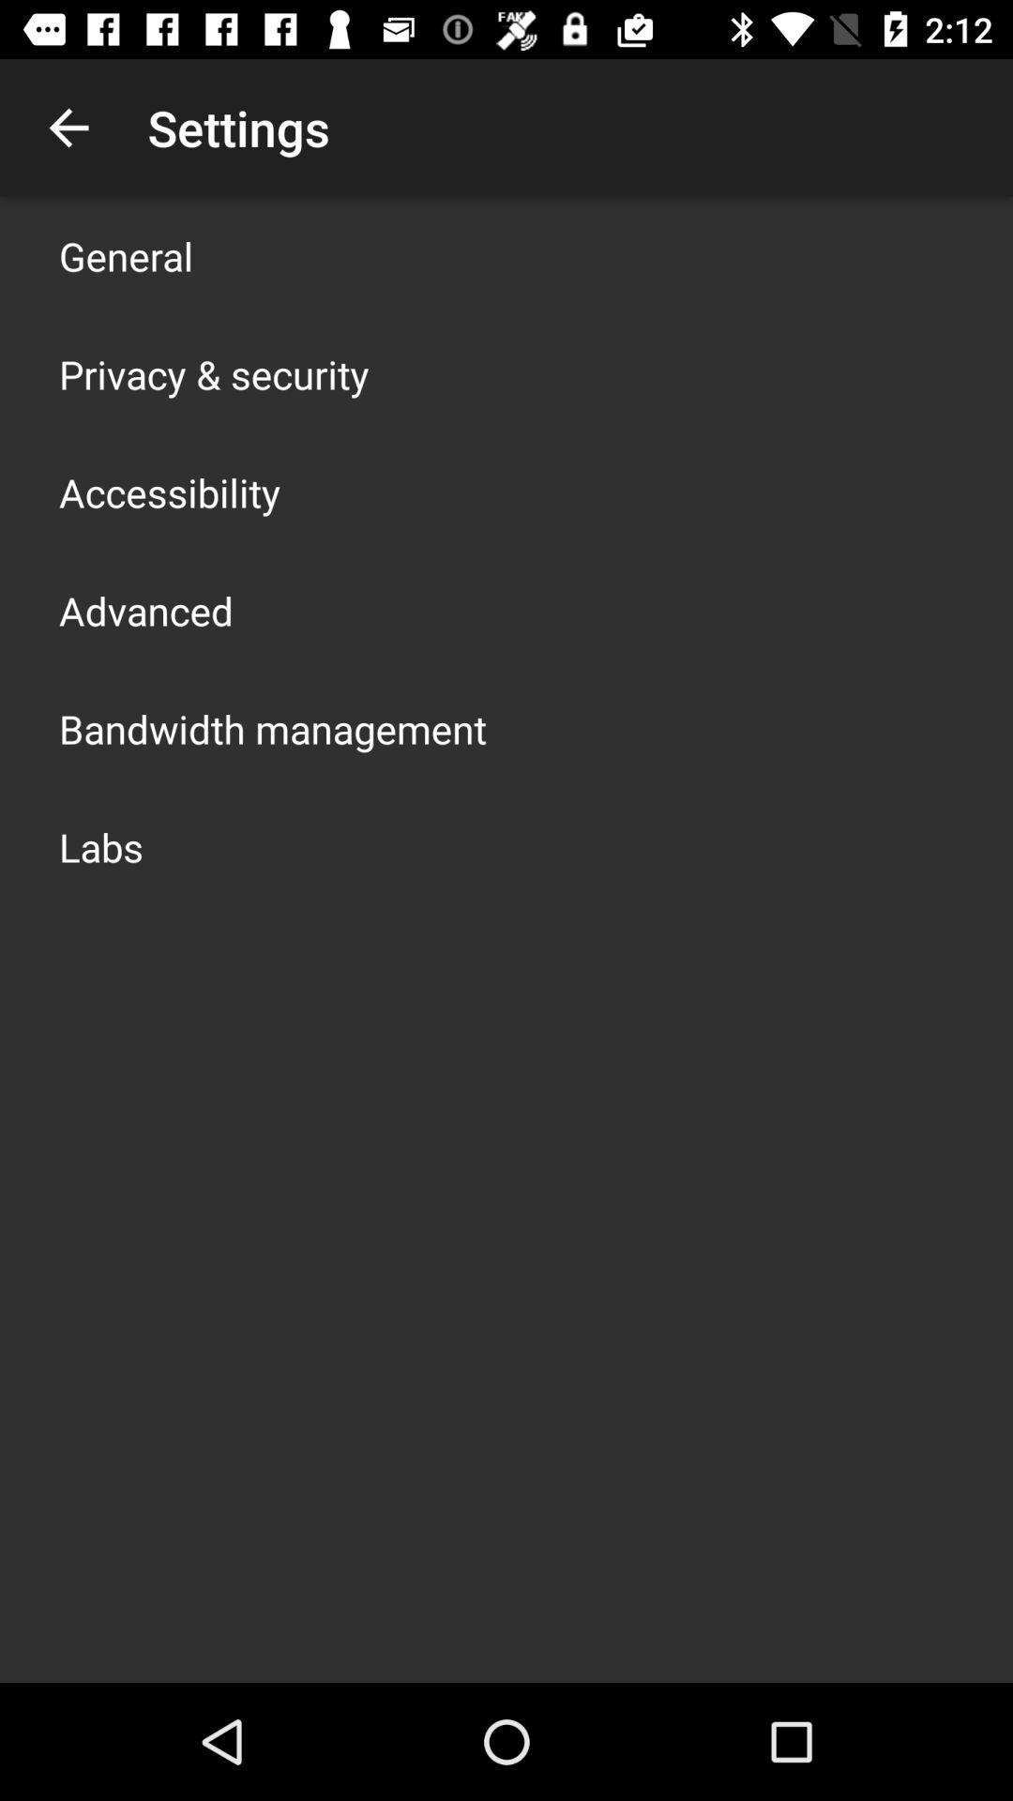  What do you see at coordinates (144, 611) in the screenshot?
I see `advanced icon` at bounding box center [144, 611].